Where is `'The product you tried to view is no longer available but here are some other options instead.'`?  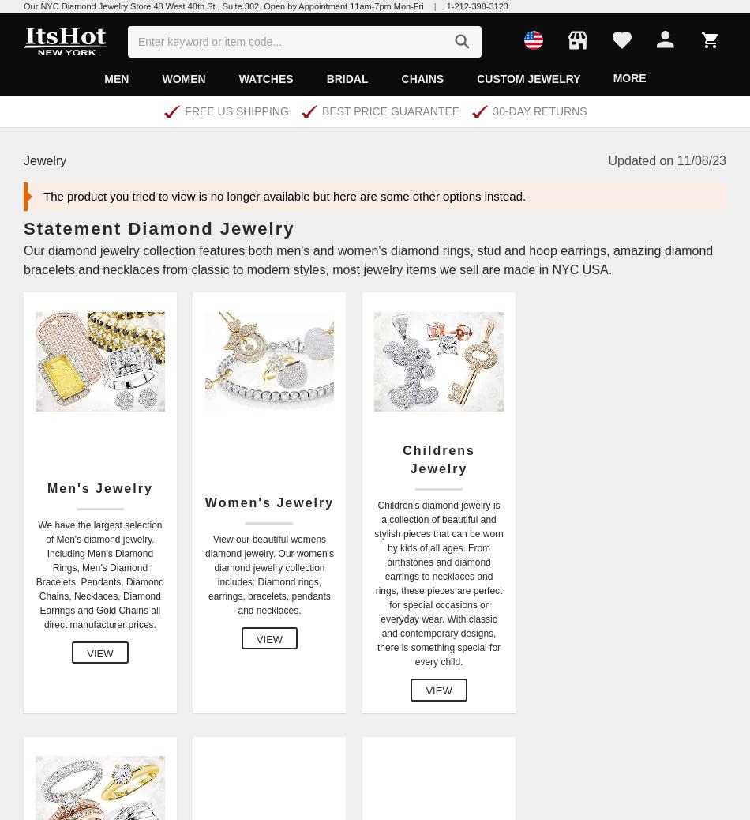 'The product you tried to view is no longer available but here are some other options instead.' is located at coordinates (43, 194).